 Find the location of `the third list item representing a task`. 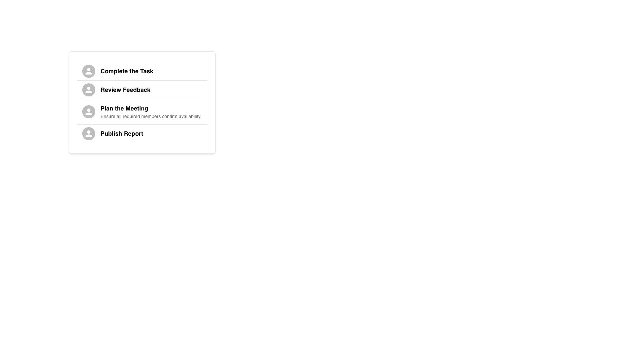

the third list item representing a task is located at coordinates (142, 102).